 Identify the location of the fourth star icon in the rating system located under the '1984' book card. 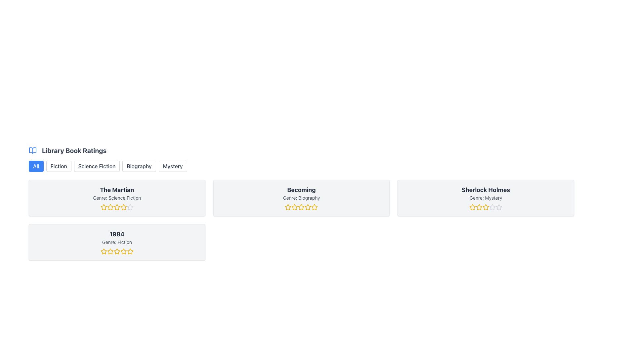
(123, 251).